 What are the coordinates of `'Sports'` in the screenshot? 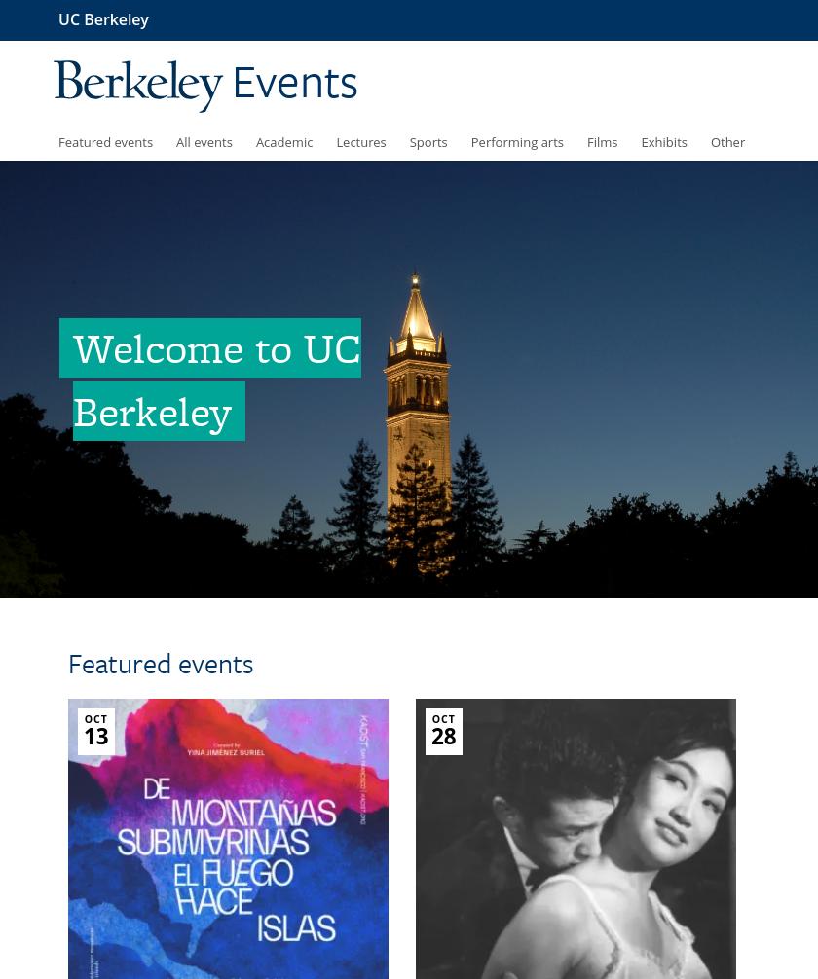 It's located at (428, 140).